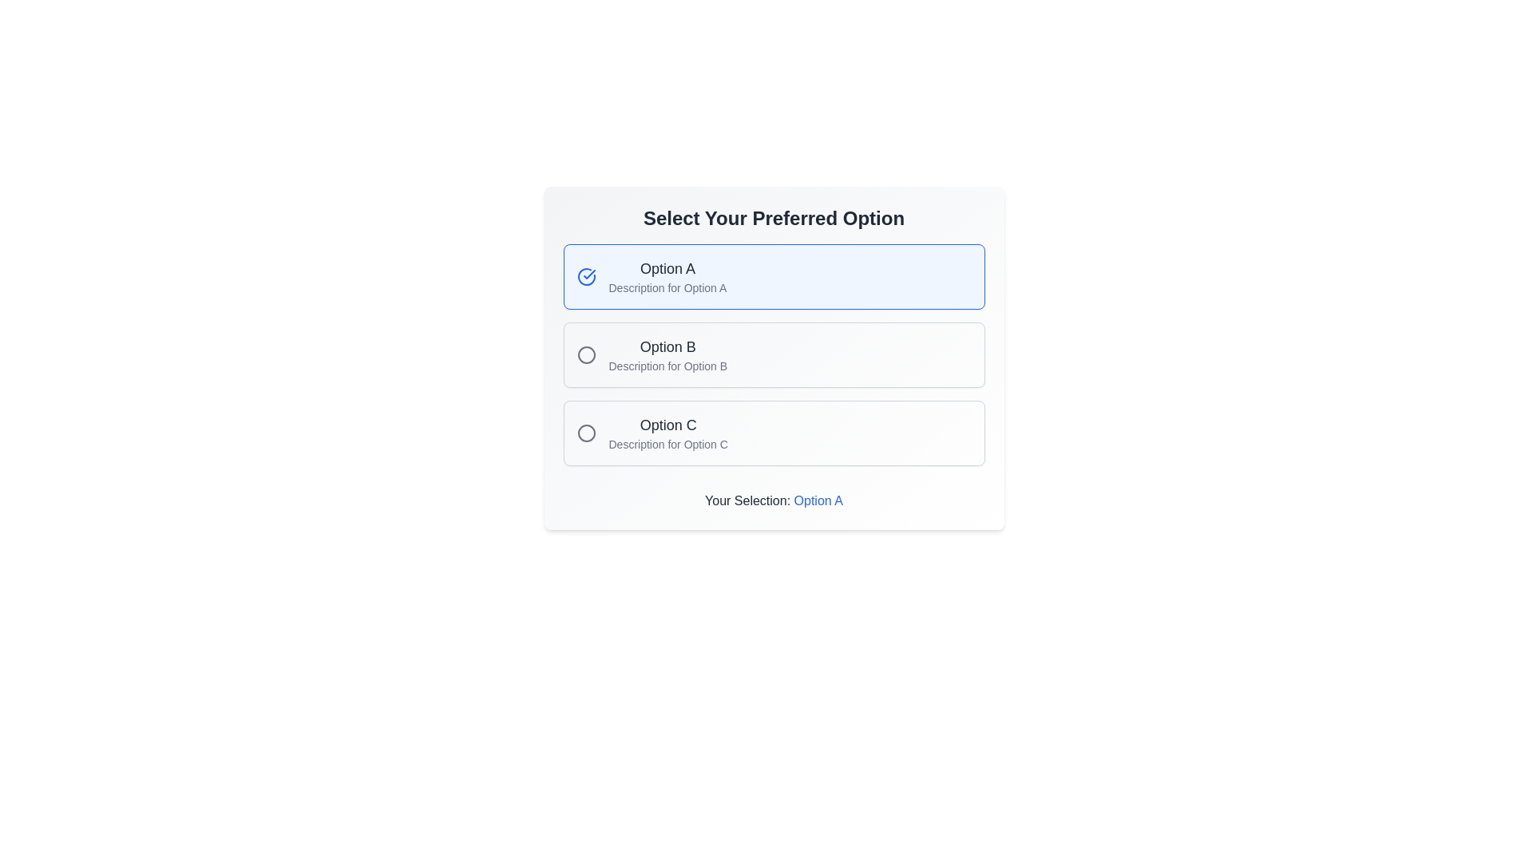 The height and width of the screenshot is (862, 1533). What do you see at coordinates (667, 288) in the screenshot?
I see `descriptive text element located directly below 'Option A' in the first option section of the selection list, which helps users understand the purpose or details of 'Option A.'` at bounding box center [667, 288].